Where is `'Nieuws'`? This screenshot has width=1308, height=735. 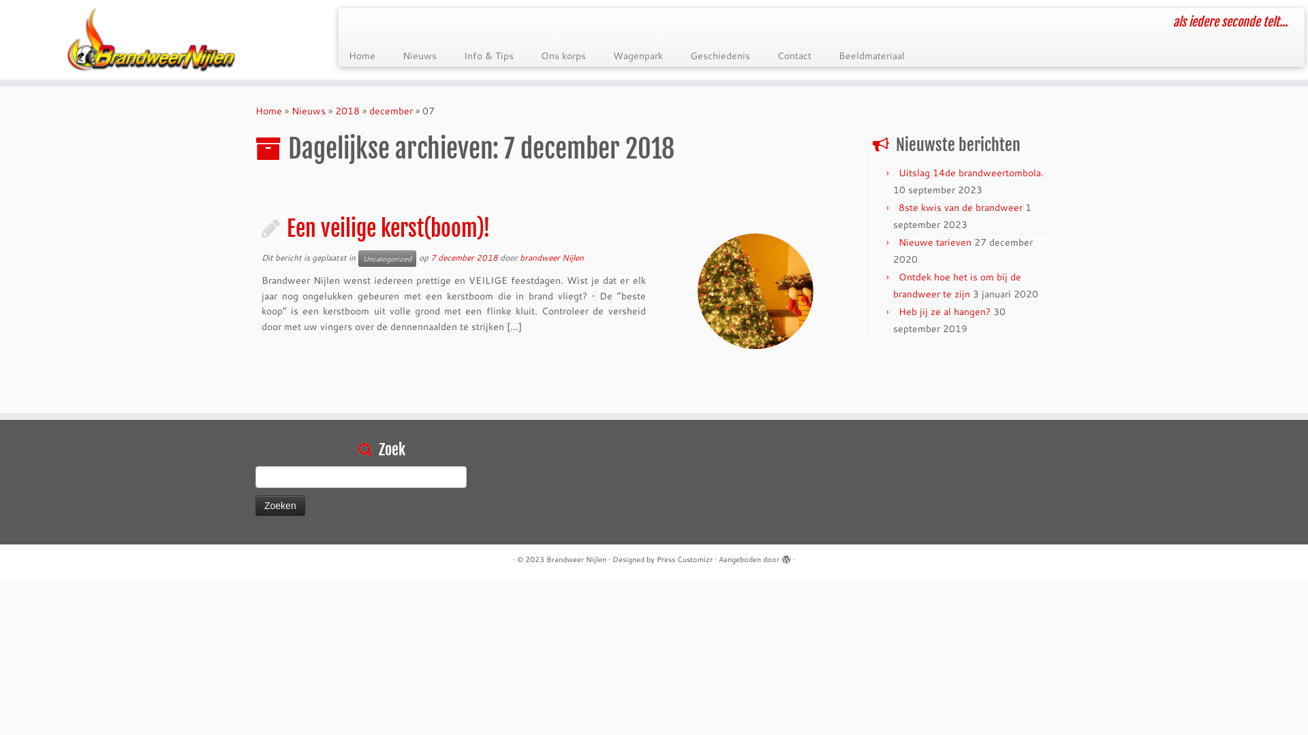
'Nieuws' is located at coordinates (307, 110).